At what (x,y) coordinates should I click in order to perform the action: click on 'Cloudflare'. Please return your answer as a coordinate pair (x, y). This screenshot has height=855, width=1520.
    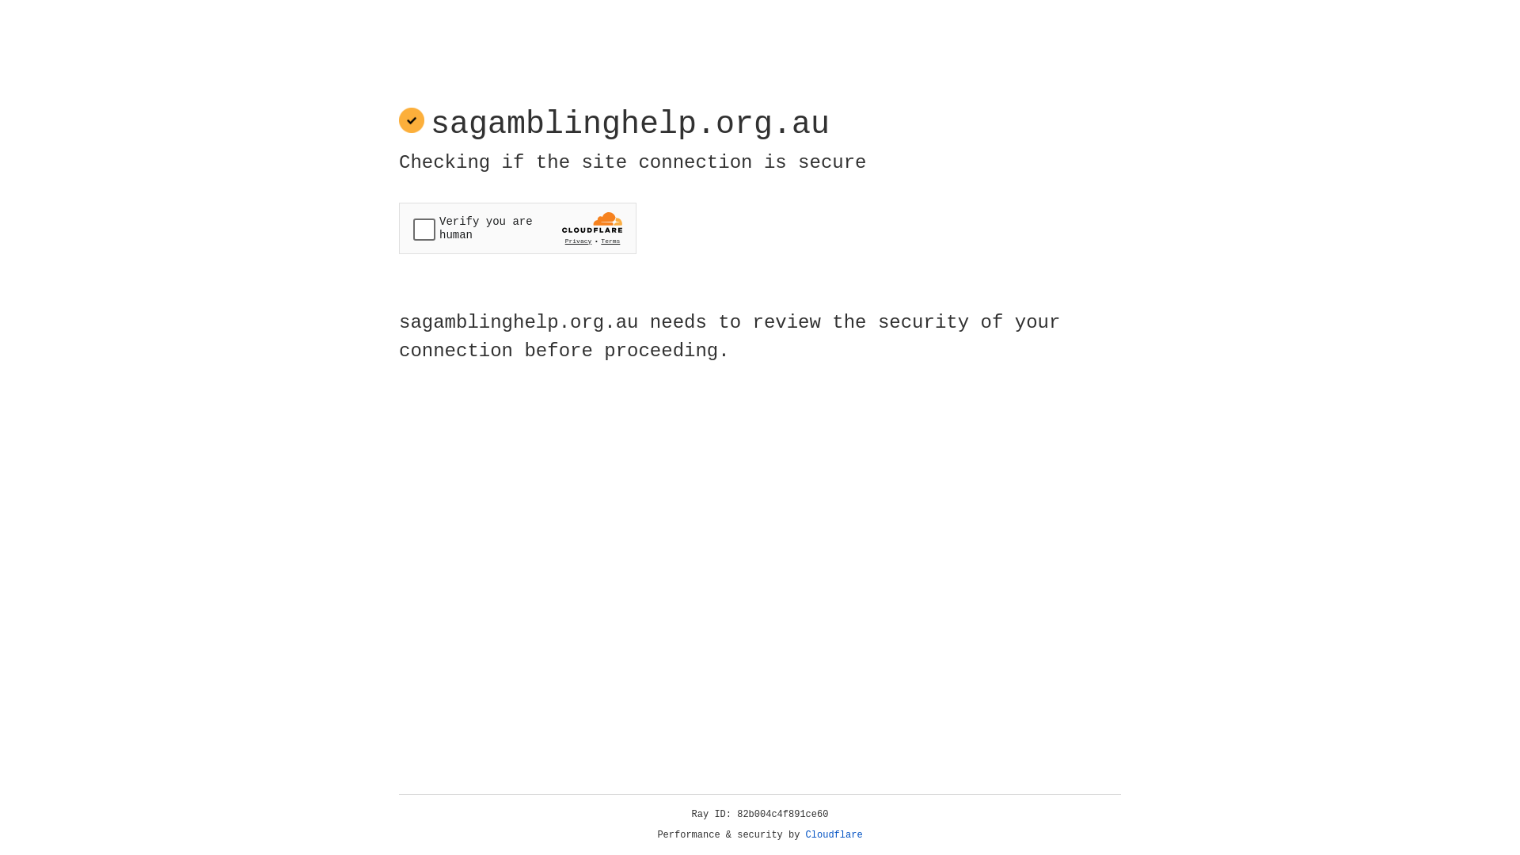
    Looking at the image, I should click on (834, 834).